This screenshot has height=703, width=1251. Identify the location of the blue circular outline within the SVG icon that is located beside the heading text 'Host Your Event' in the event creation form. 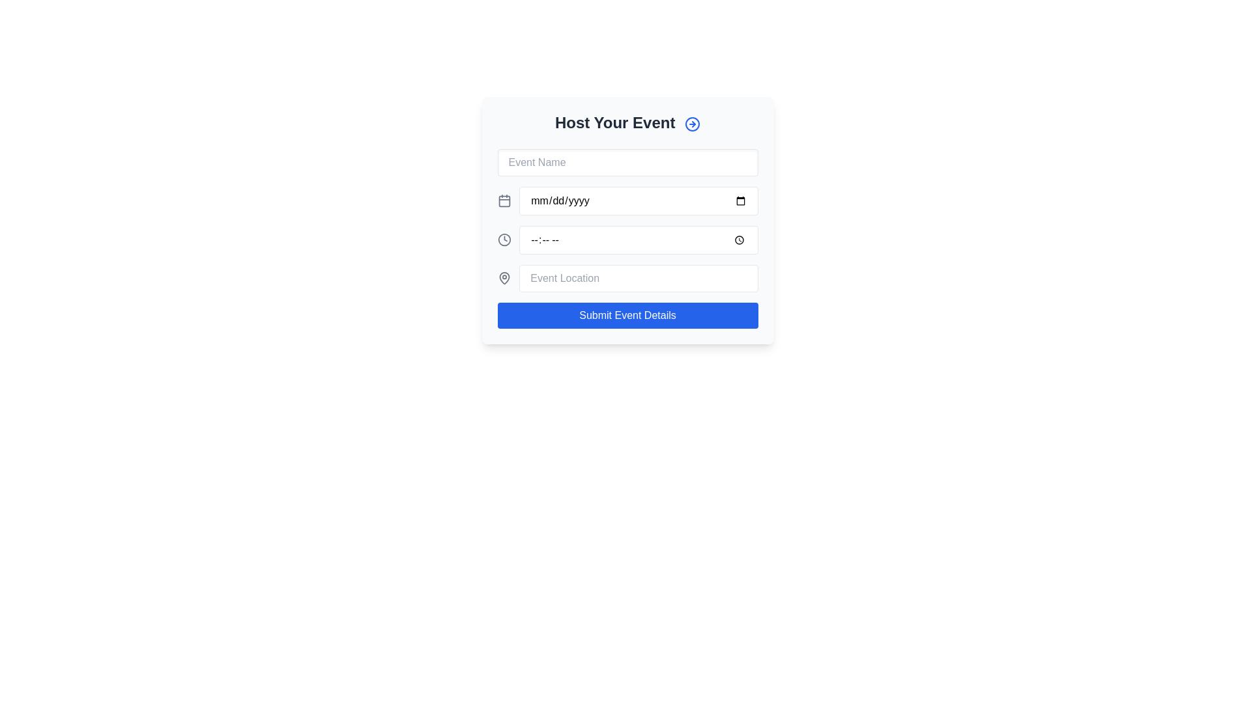
(692, 124).